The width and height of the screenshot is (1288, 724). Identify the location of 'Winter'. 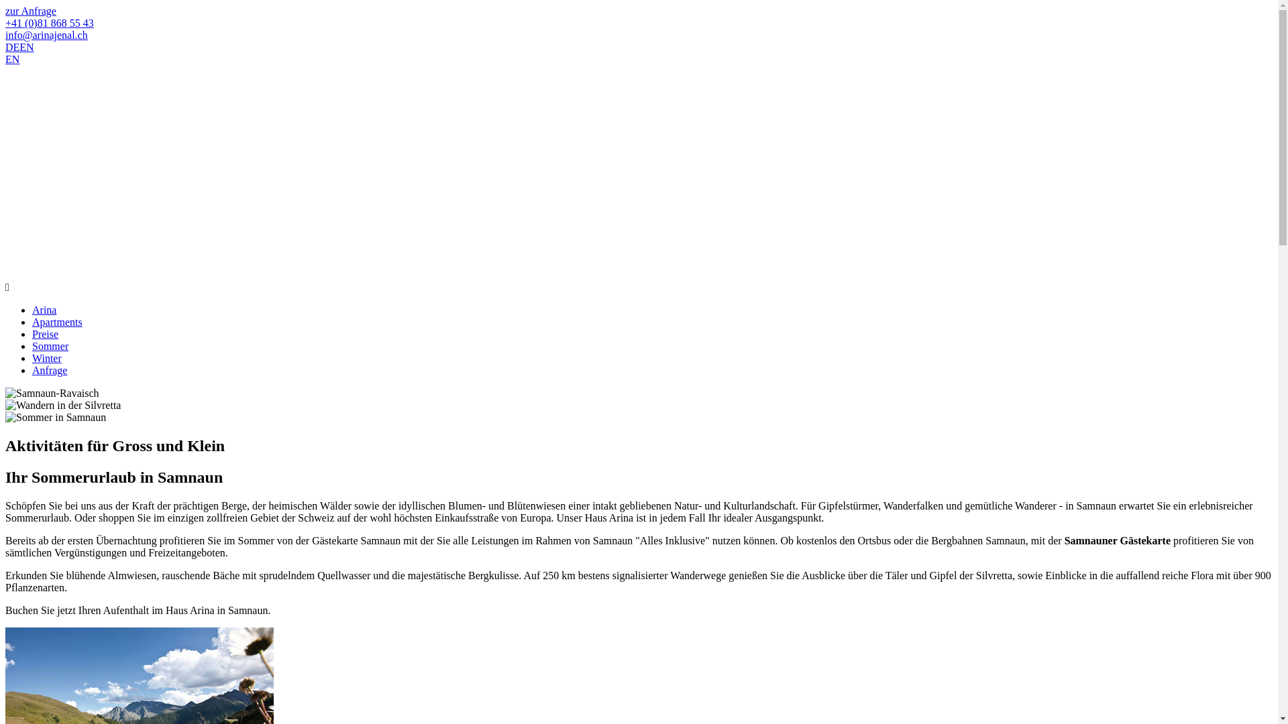
(47, 357).